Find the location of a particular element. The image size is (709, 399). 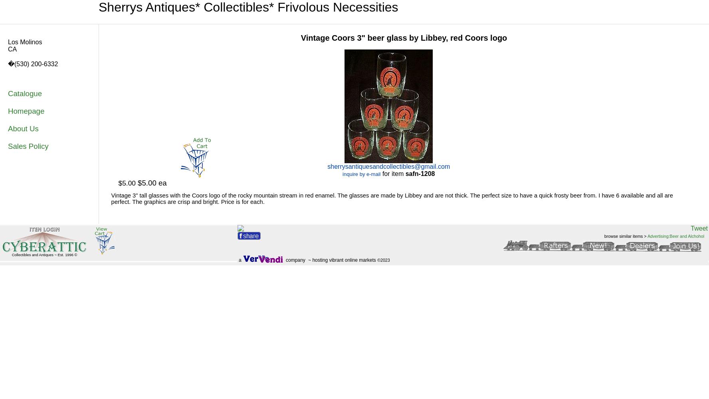

'Sales Policy' is located at coordinates (28, 146).